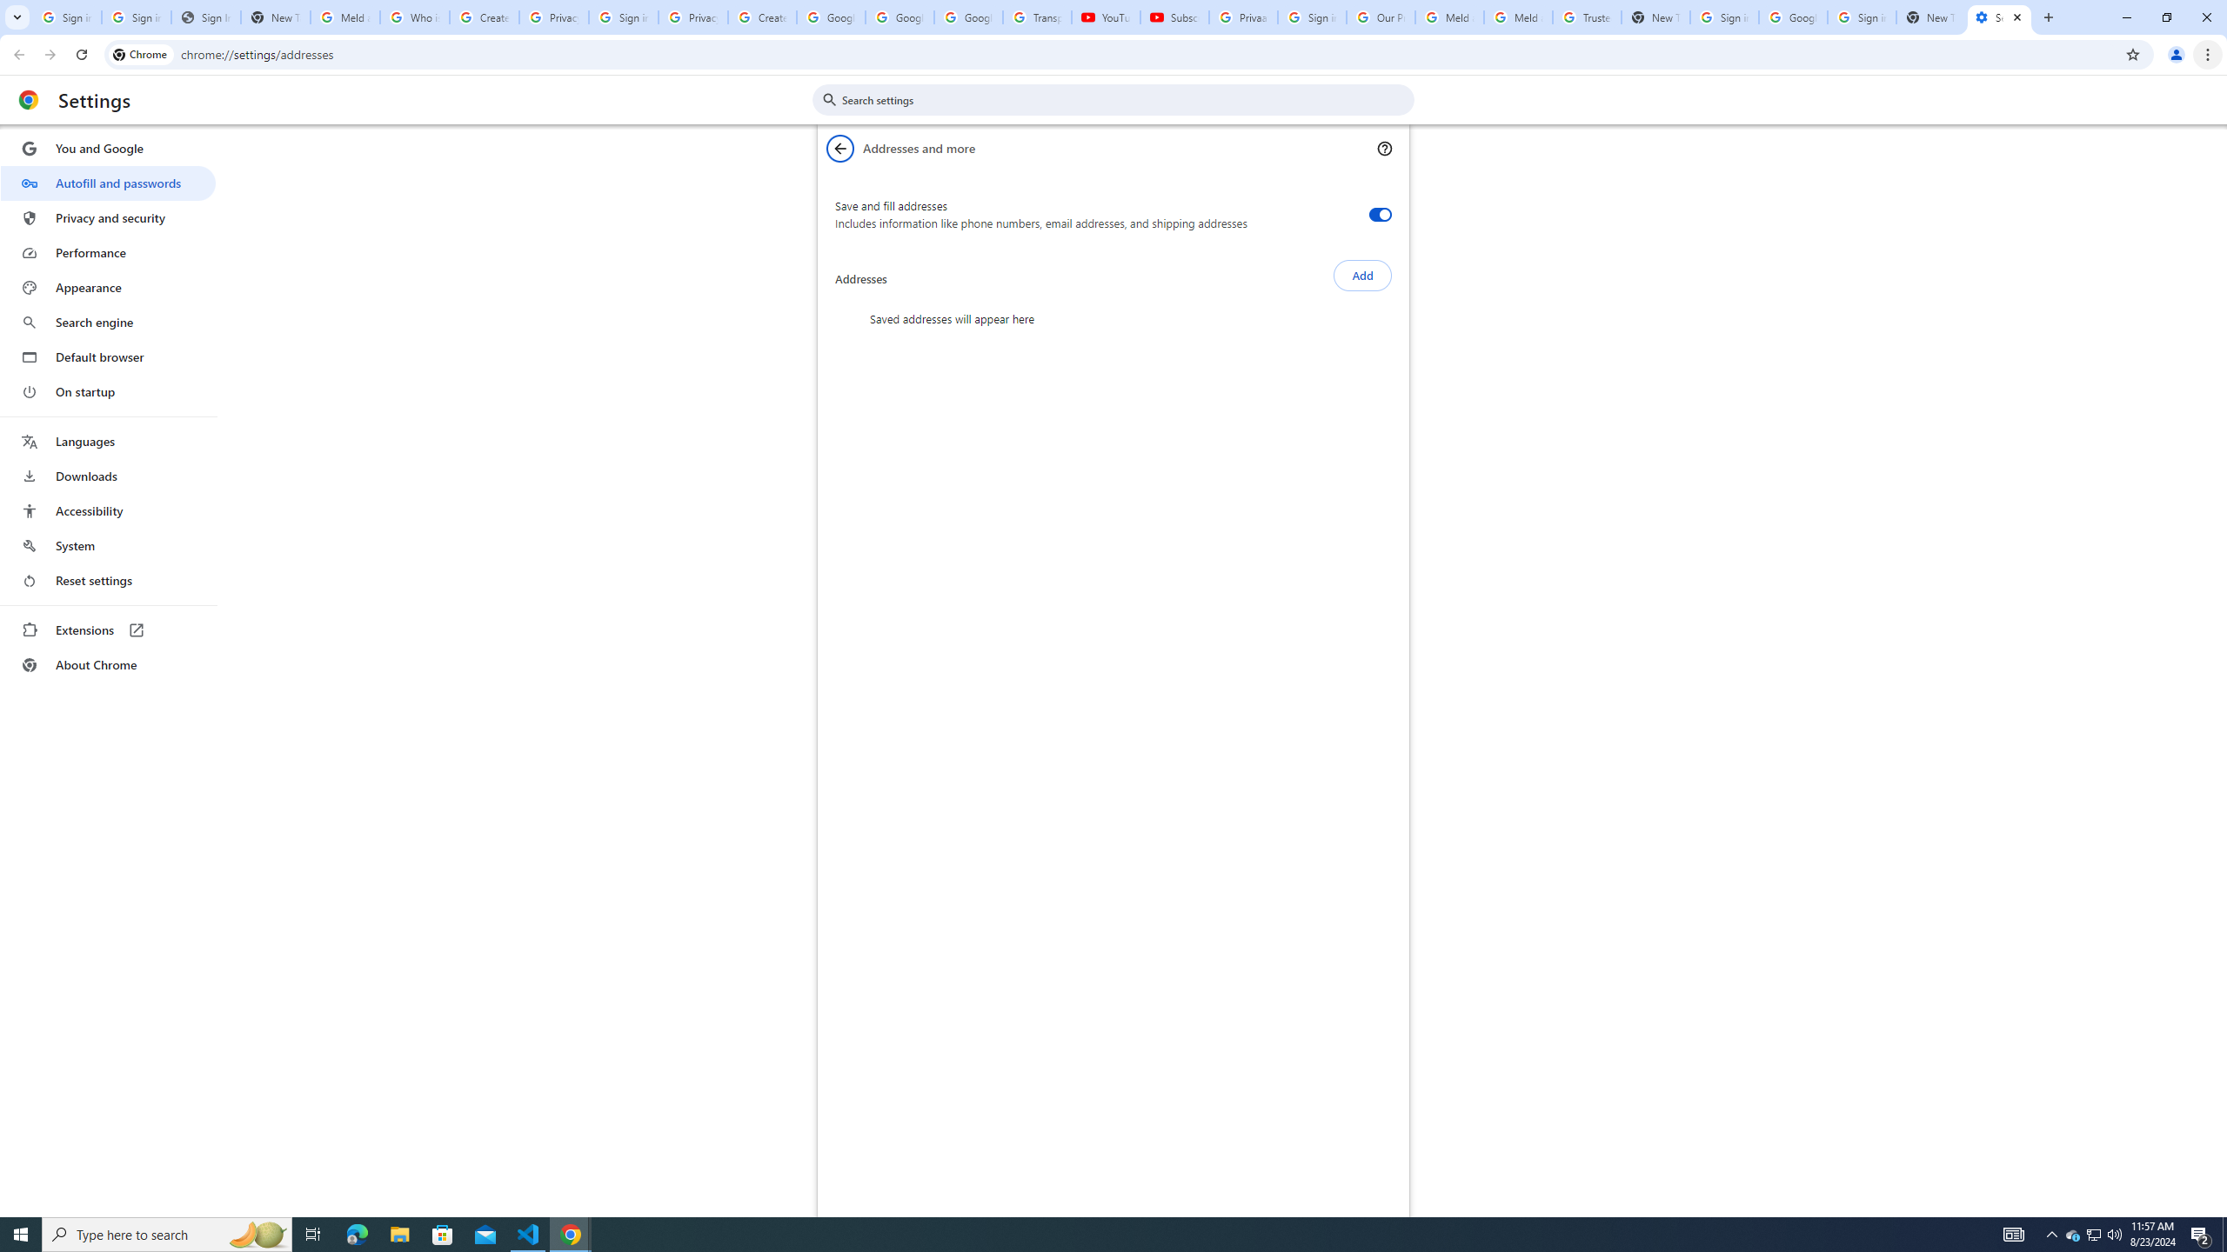 Image resolution: width=2227 pixels, height=1252 pixels. Describe the element at coordinates (1174, 17) in the screenshot. I see `'Subscriptions - YouTube'` at that location.